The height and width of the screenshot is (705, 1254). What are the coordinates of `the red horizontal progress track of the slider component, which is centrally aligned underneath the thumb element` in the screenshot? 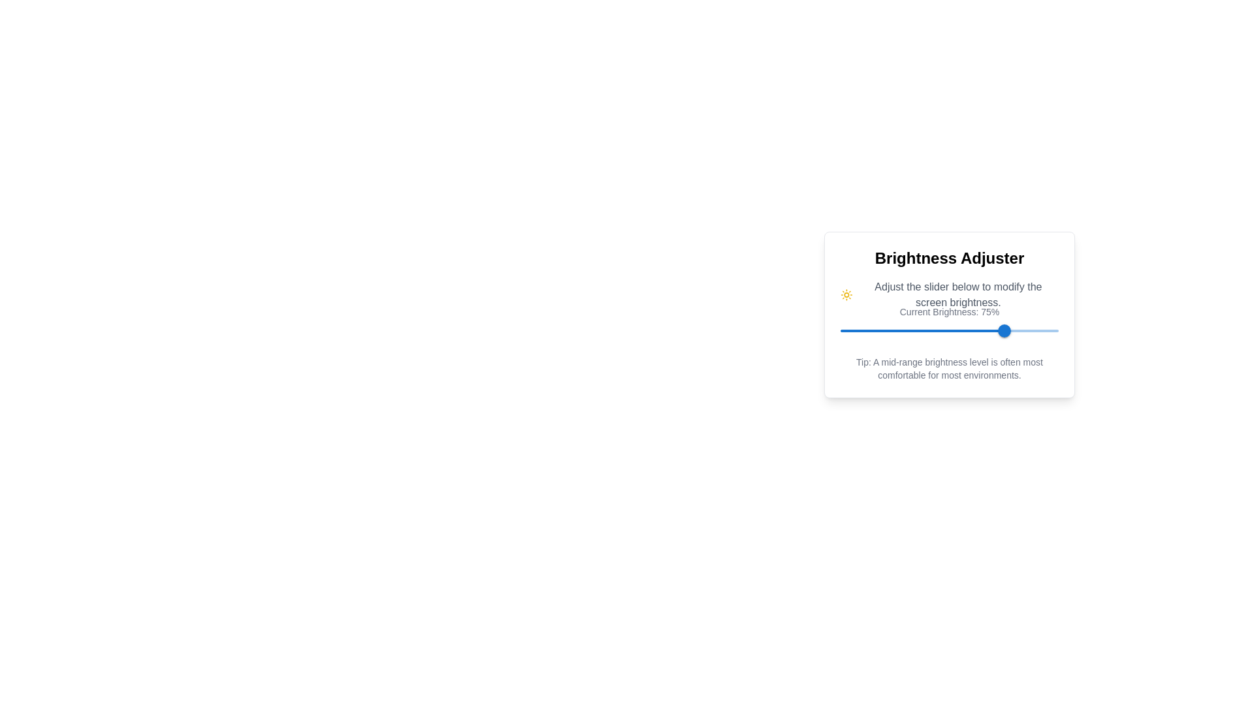 It's located at (922, 330).